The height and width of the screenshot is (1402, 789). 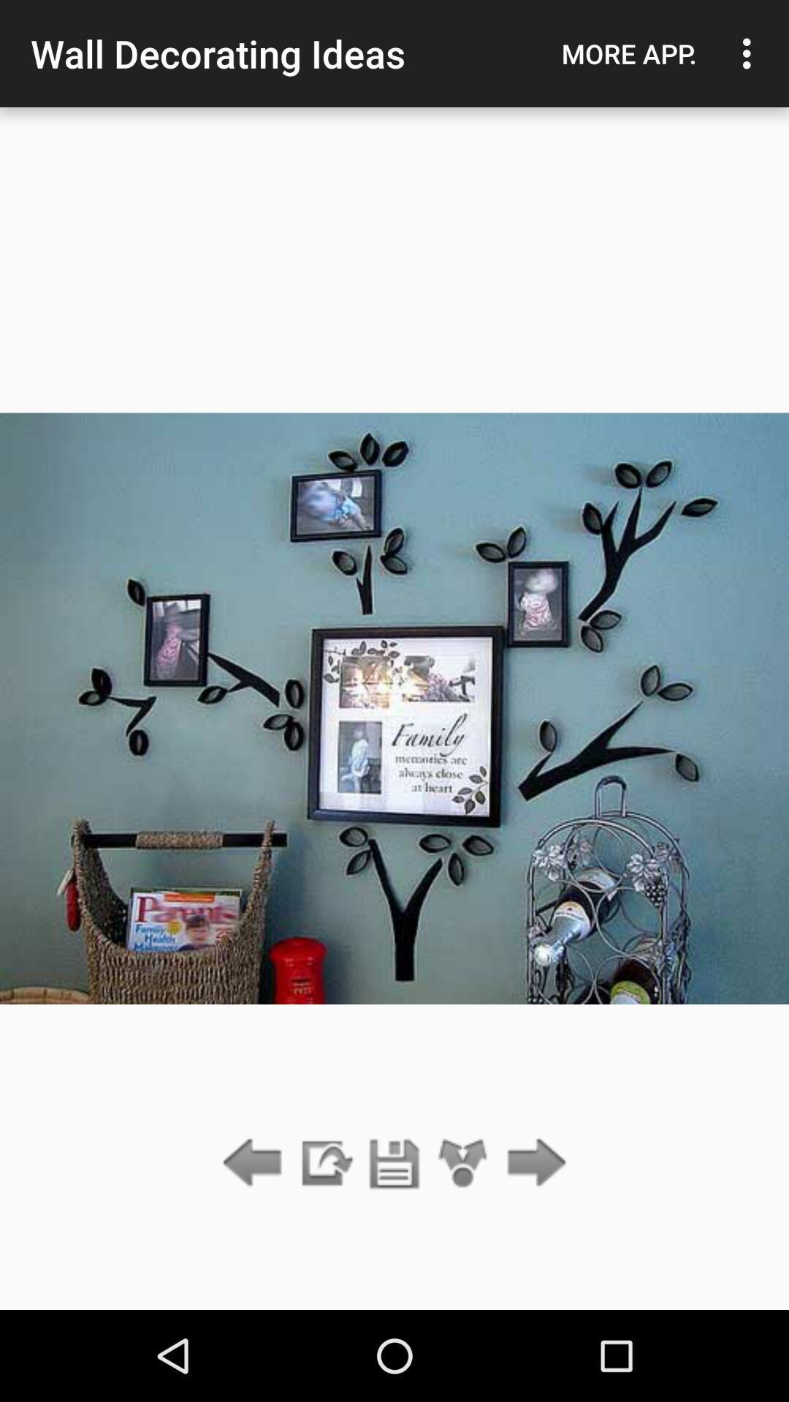 What do you see at coordinates (394, 1163) in the screenshot?
I see `icon below the wall decorating ideas` at bounding box center [394, 1163].